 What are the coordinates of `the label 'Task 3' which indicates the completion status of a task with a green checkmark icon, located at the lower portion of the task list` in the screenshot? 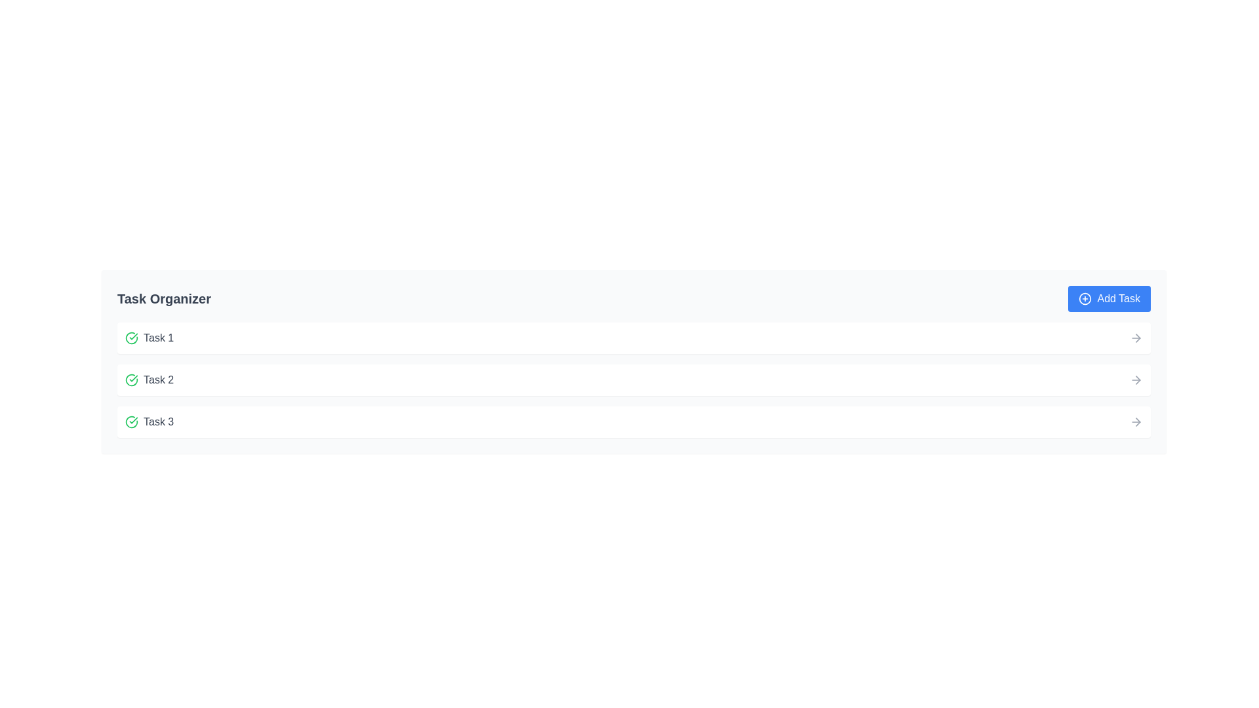 It's located at (150, 422).